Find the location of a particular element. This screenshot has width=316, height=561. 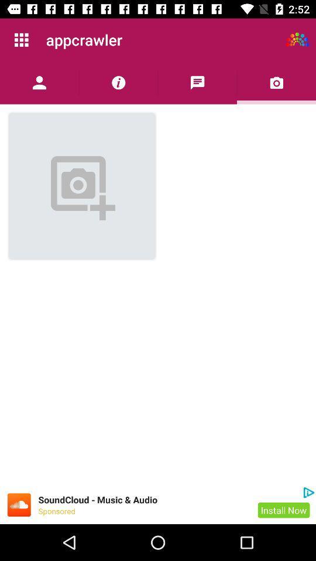

chat/message is located at coordinates (197, 82).